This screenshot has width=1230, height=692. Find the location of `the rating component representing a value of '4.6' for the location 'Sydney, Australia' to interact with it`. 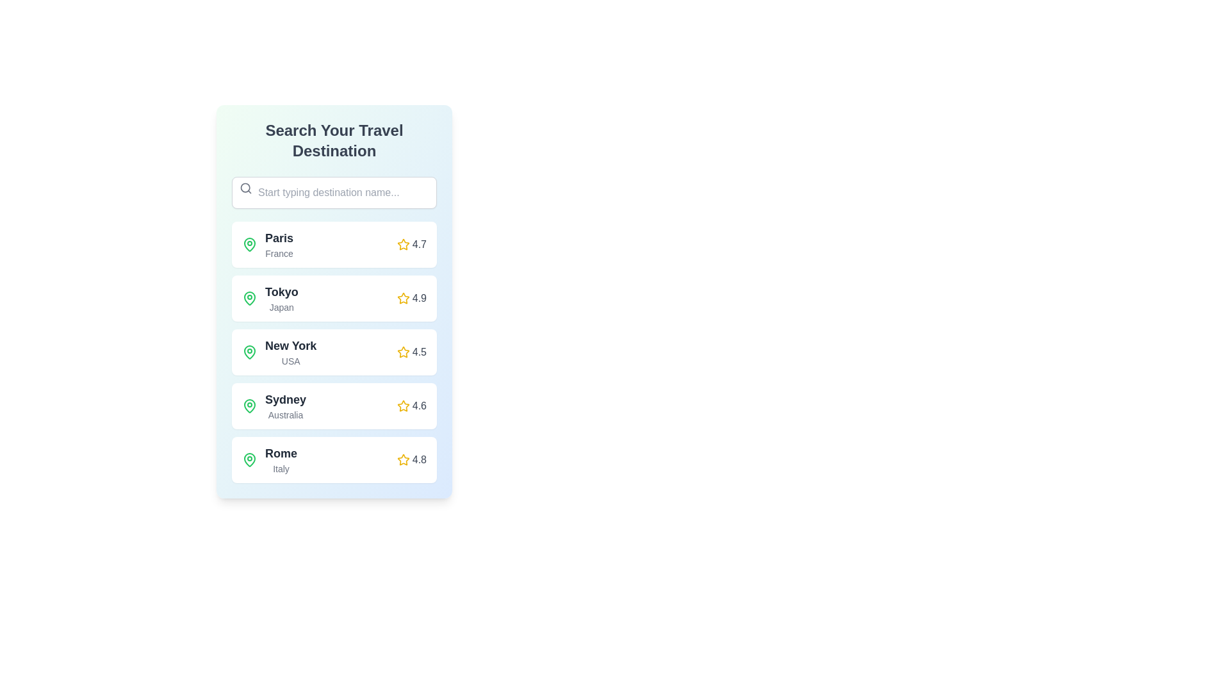

the rating component representing a value of '4.6' for the location 'Sydney, Australia' to interact with it is located at coordinates (411, 406).